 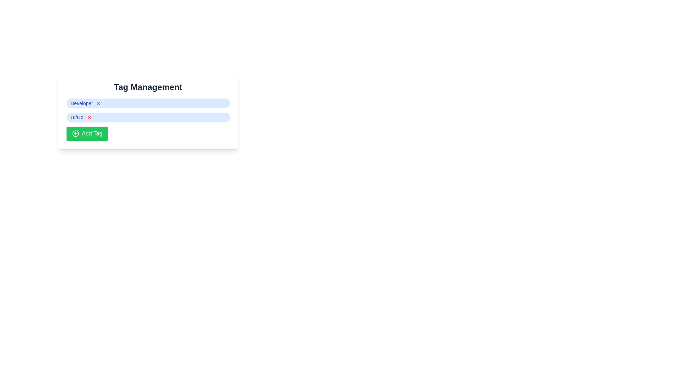 What do you see at coordinates (77, 117) in the screenshot?
I see `text label 'UI/UX' located inside a pill-shaped badge in the second row of tags under 'Tag Management'` at bounding box center [77, 117].